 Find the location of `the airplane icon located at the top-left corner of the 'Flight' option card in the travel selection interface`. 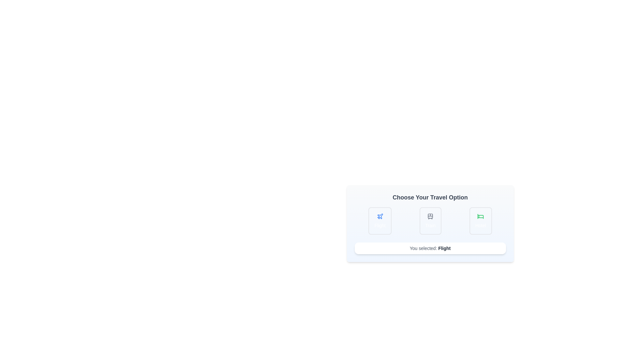

the airplane icon located at the top-left corner of the 'Flight' option card in the travel selection interface is located at coordinates (380, 216).